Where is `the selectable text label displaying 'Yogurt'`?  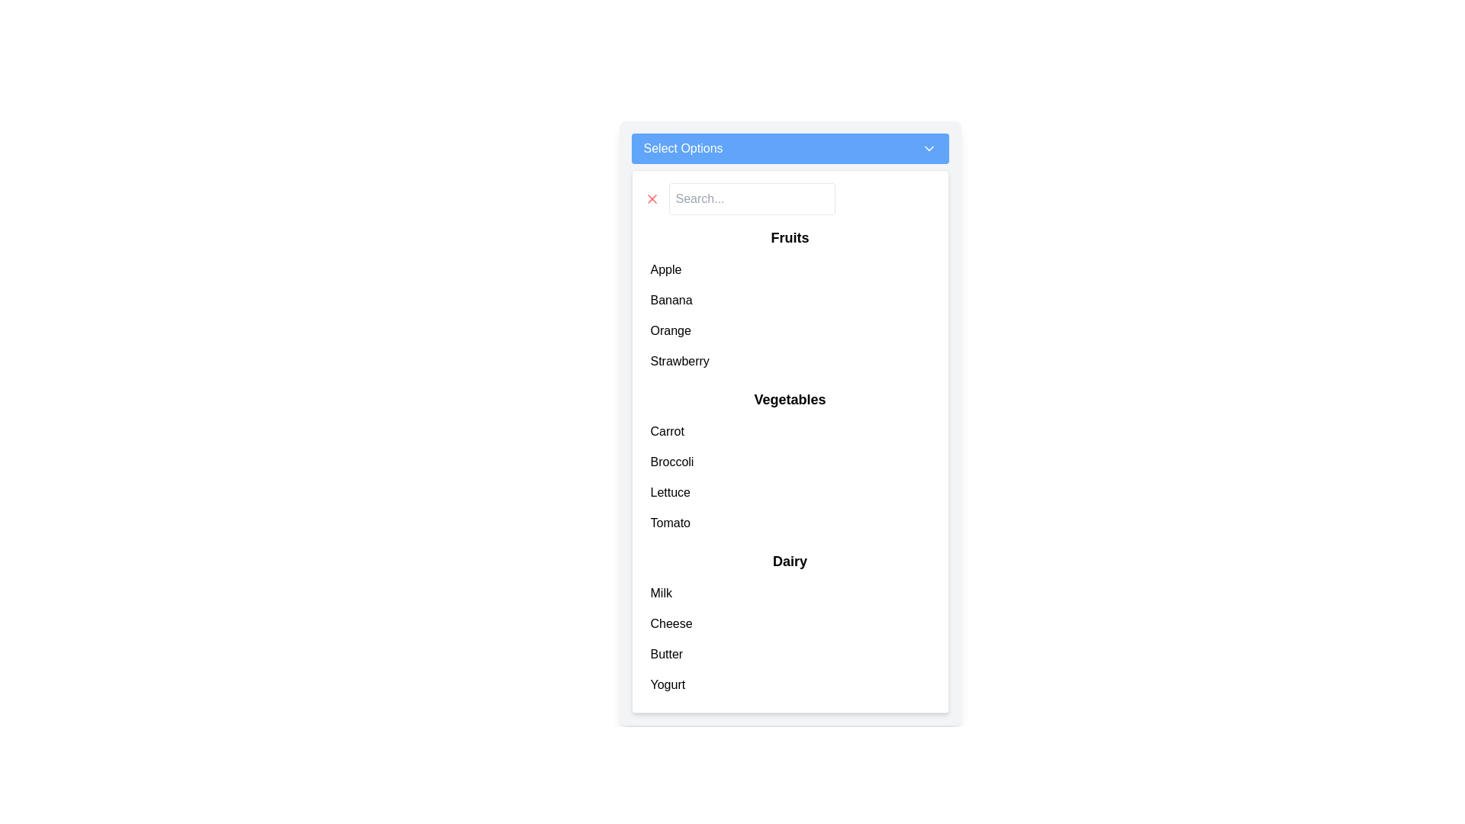
the selectable text label displaying 'Yogurt' is located at coordinates (668, 684).